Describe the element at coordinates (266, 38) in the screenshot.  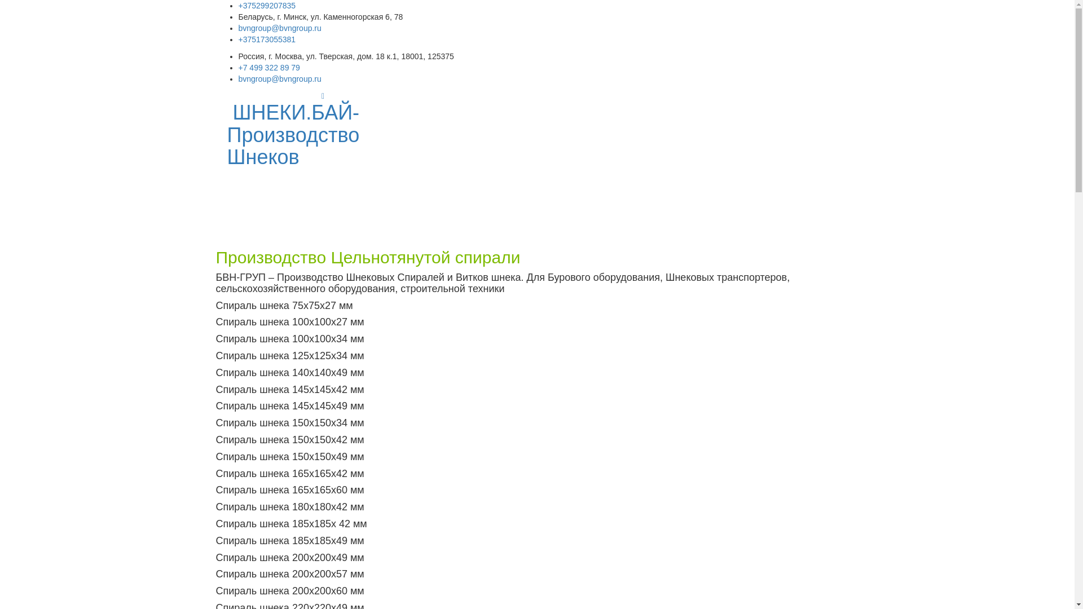
I see `'+375173055381'` at that location.